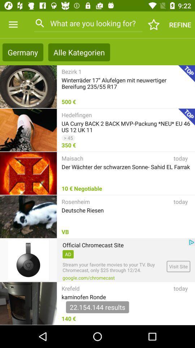  I want to click on icon on the right side of official chromecast site, so click(191, 242).